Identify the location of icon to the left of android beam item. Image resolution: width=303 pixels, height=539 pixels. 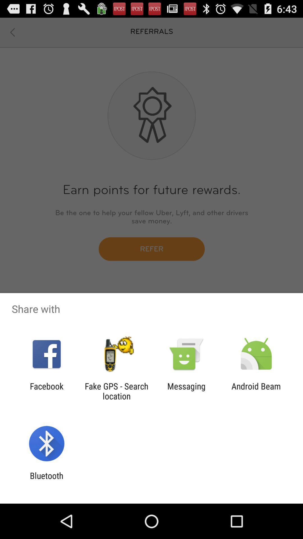
(186, 391).